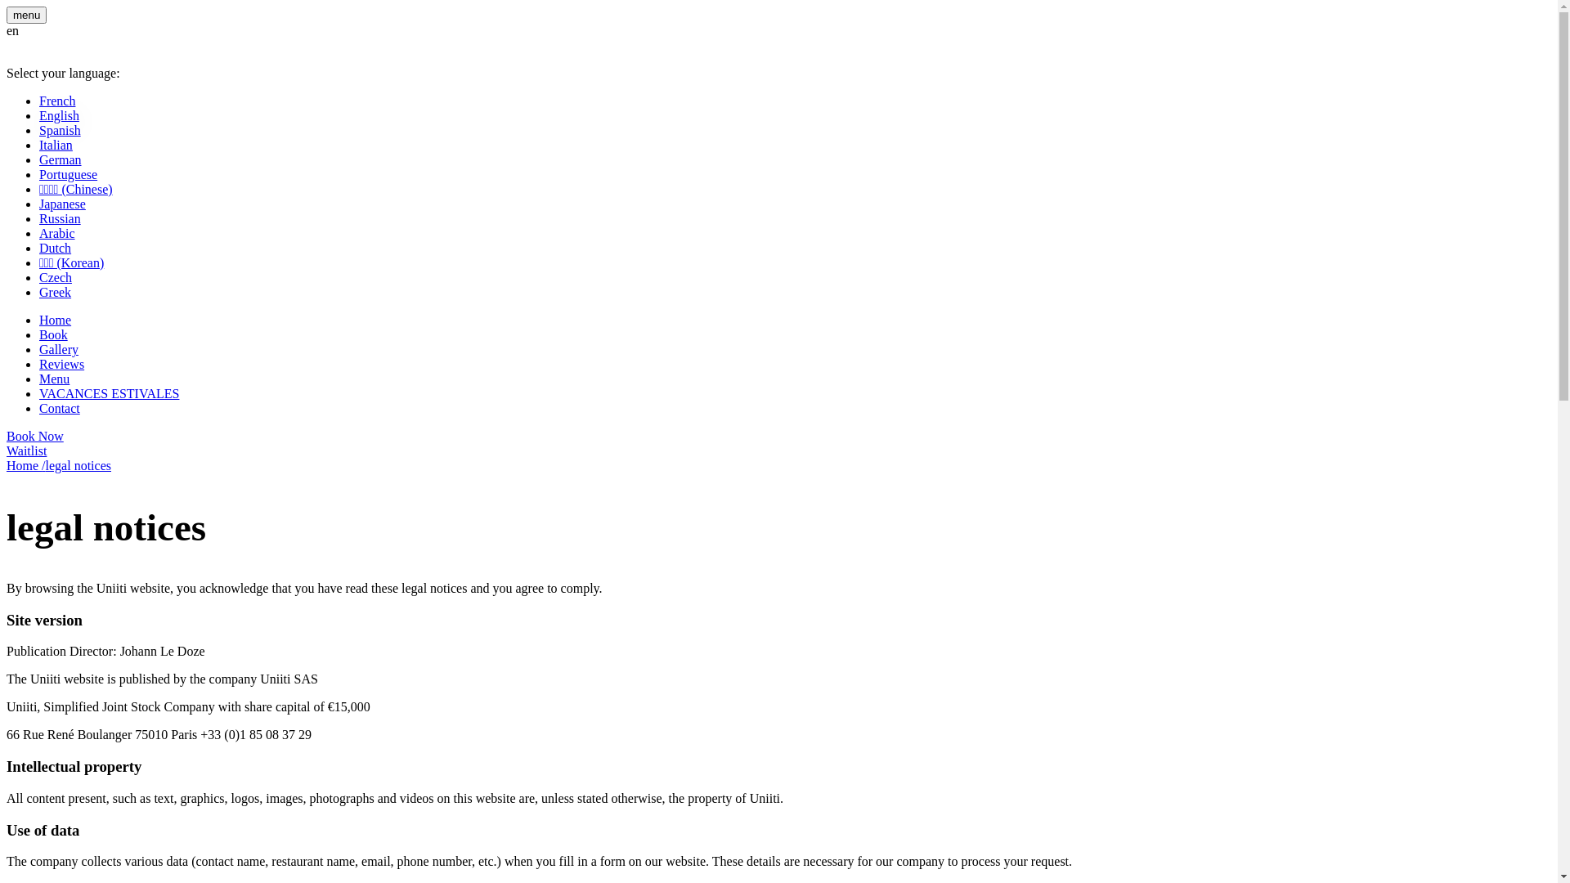 The width and height of the screenshot is (1570, 883). What do you see at coordinates (55, 248) in the screenshot?
I see `'Dutch'` at bounding box center [55, 248].